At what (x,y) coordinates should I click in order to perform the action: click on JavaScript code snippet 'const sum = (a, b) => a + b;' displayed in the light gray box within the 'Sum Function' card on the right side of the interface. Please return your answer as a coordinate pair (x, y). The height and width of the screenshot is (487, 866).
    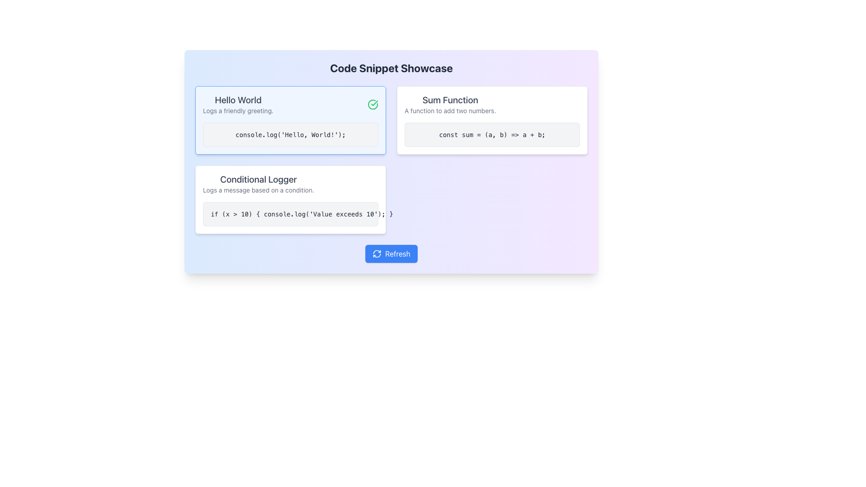
    Looking at the image, I should click on (492, 135).